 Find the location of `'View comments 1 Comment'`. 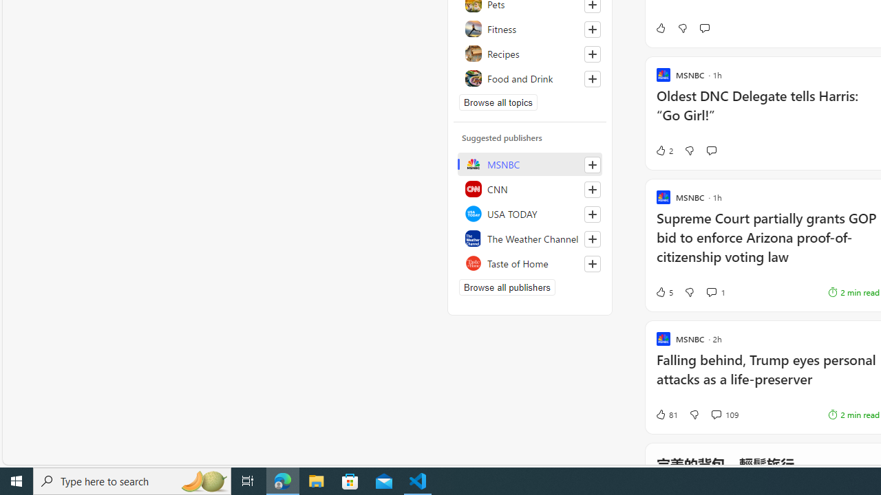

'View comments 1 Comment' is located at coordinates (716, 291).